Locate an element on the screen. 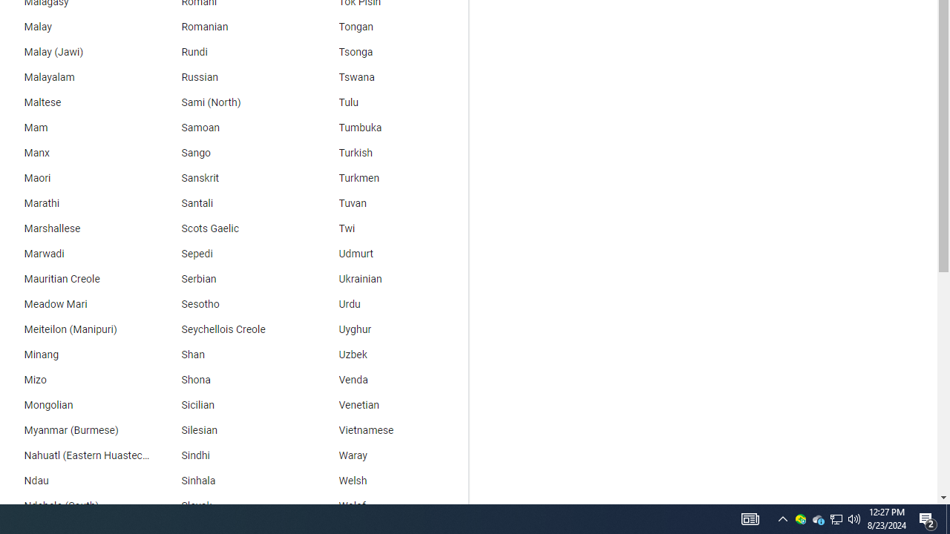 The width and height of the screenshot is (950, 534). 'Tongan' is located at coordinates (390, 27).